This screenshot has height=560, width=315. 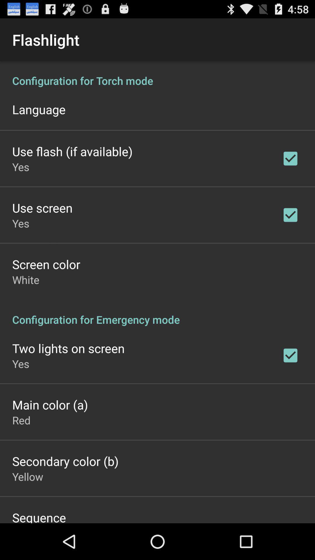 I want to click on the use screen icon, so click(x=42, y=208).